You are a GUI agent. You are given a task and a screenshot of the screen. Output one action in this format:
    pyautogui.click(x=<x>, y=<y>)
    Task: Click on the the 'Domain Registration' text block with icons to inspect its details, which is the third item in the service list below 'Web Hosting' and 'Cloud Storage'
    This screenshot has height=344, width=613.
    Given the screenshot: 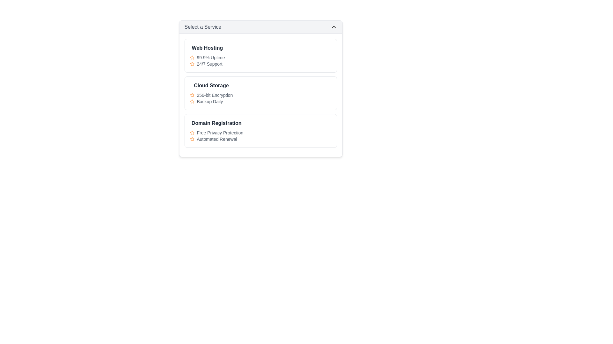 What is the action you would take?
    pyautogui.click(x=216, y=131)
    